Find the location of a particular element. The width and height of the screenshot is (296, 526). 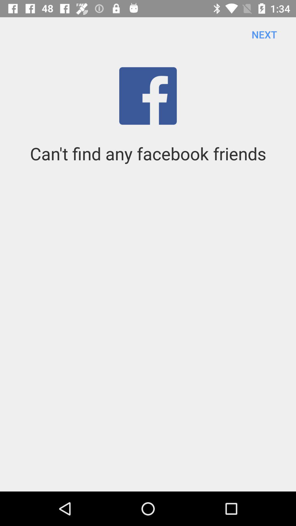

the next item is located at coordinates (264, 34).